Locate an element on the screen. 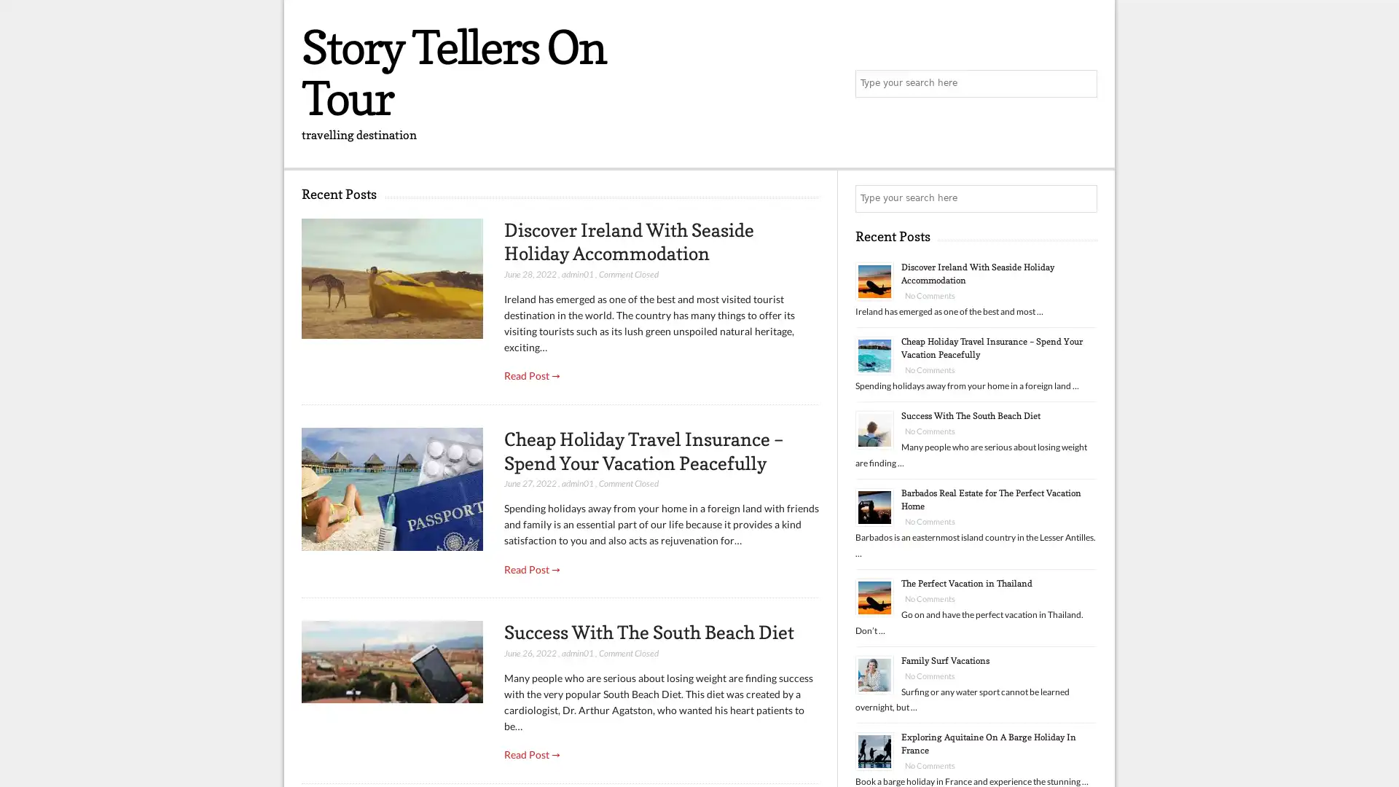 The width and height of the screenshot is (1399, 787). Search is located at coordinates (1082, 199).